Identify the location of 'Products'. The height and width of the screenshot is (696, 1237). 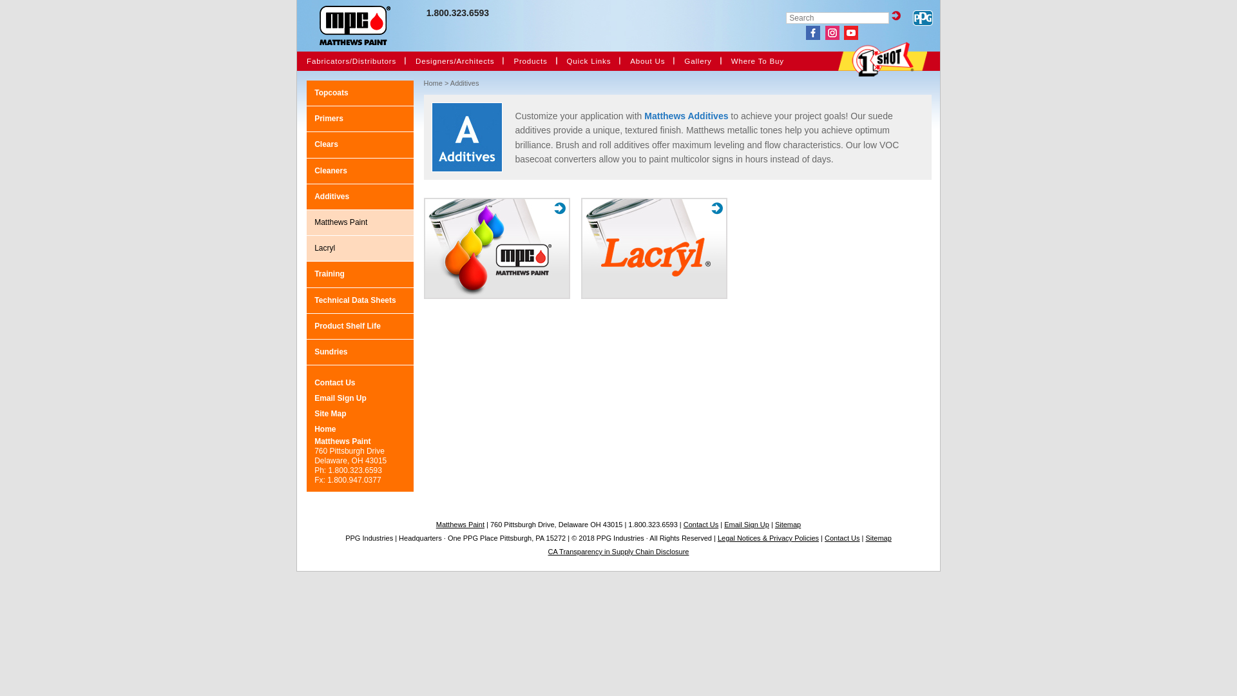
(530, 61).